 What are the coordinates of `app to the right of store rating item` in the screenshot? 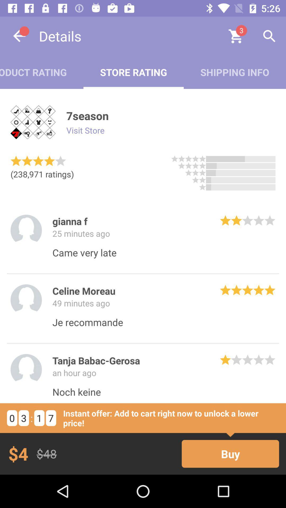 It's located at (234, 72).